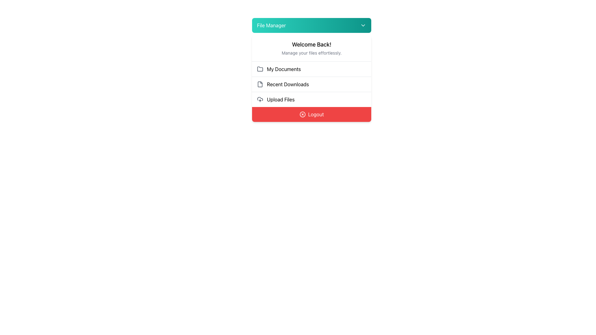  What do you see at coordinates (311, 84) in the screenshot?
I see `the second option 'Recent Downloads' in the vertical navigation list containing 'My Documents', 'Recent Downloads', and 'Upload Files'` at bounding box center [311, 84].